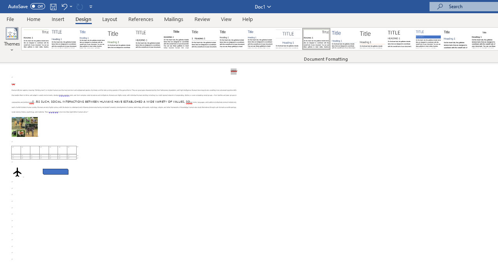 This screenshot has height=280, width=498. I want to click on 'Black & White (Capitalized)', so click(148, 39).